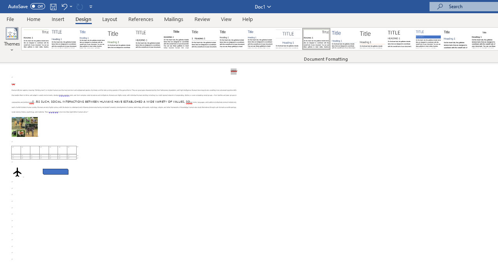 This screenshot has height=280, width=498. I want to click on 'Black & White (Capitalized)', so click(148, 39).